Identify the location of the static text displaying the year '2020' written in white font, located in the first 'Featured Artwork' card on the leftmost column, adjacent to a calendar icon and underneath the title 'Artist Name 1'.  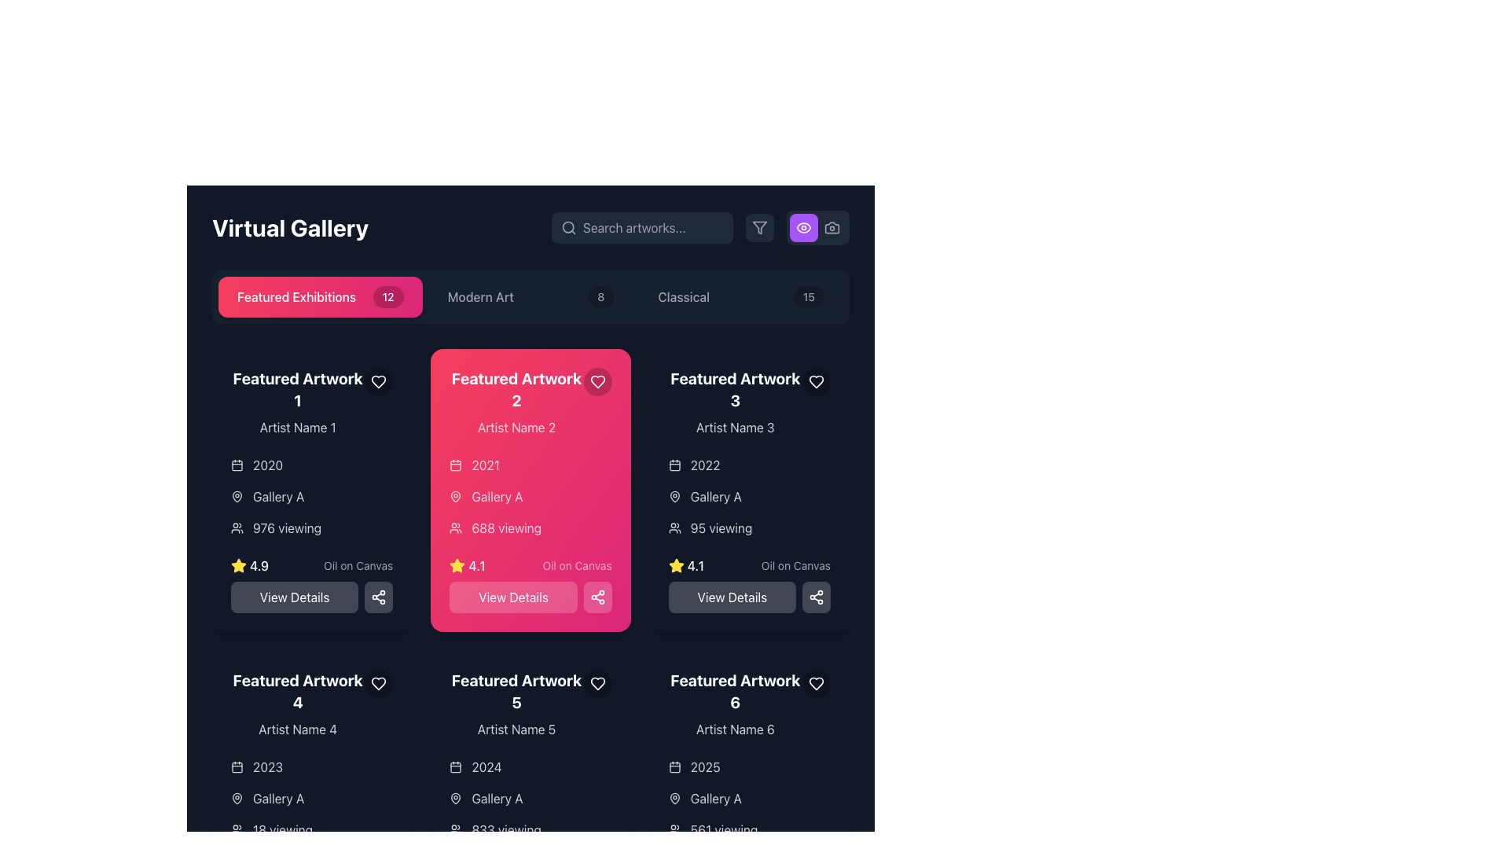
(268, 464).